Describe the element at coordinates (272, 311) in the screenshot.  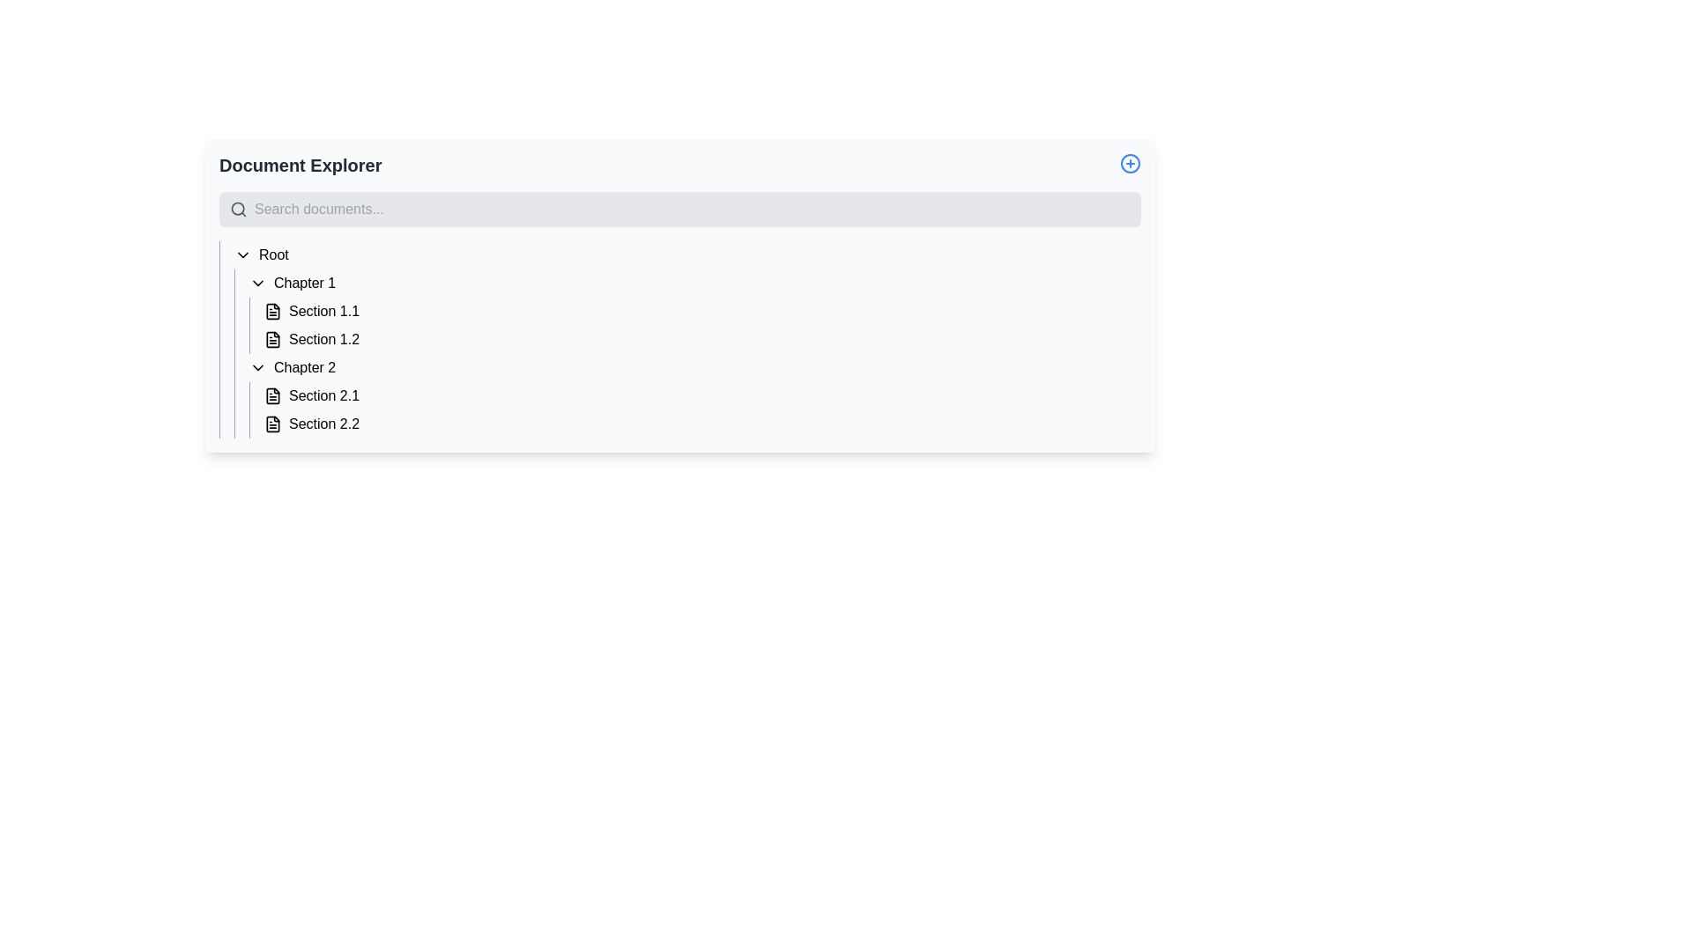
I see `the icon representing the file or document for the 'Section 1.1' item` at that location.